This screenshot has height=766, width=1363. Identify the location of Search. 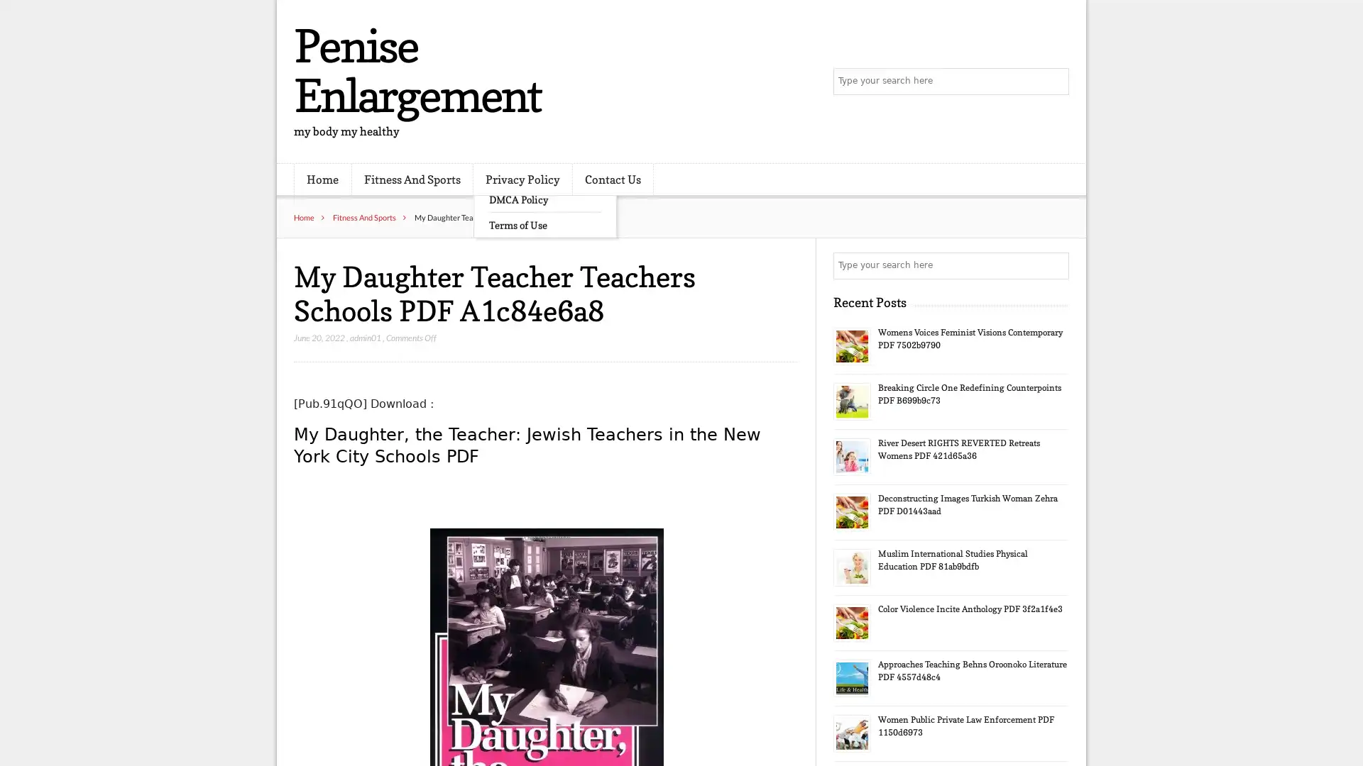
(1054, 265).